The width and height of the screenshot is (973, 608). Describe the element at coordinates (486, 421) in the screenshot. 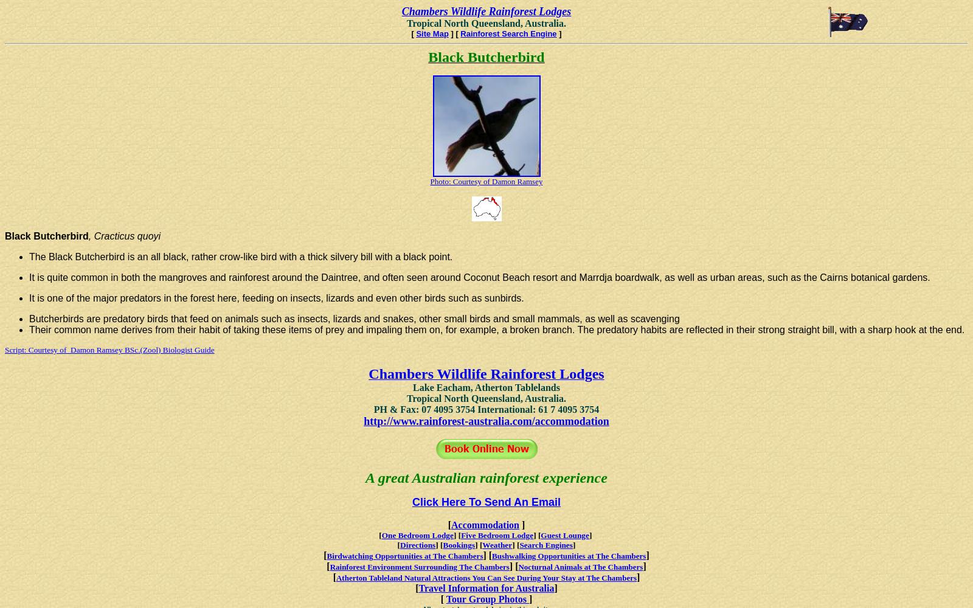

I see `'http://www.rainforest-australia.com/accommodation'` at that location.